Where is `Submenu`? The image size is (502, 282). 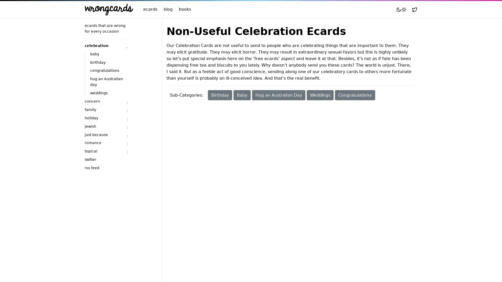
Submenu is located at coordinates (127, 46).